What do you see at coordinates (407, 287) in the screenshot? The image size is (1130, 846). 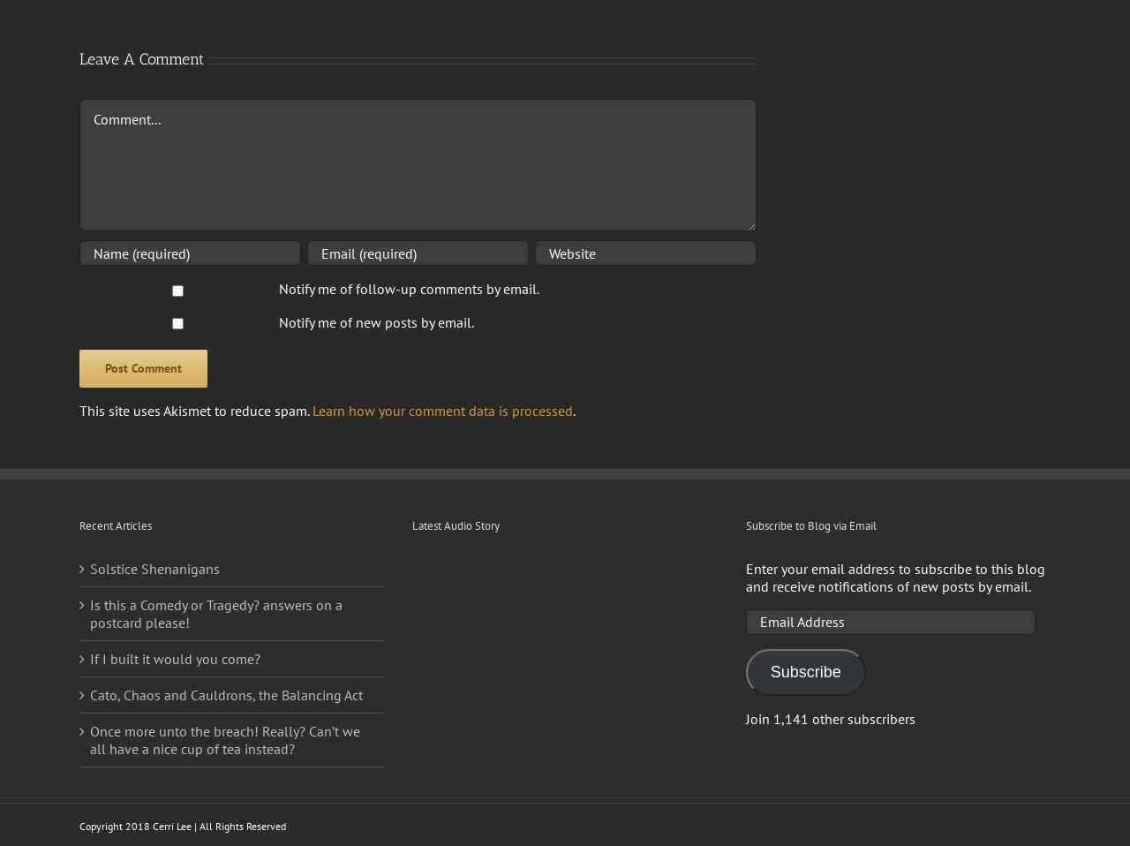 I see `'Notify me of follow-up comments by email.'` at bounding box center [407, 287].